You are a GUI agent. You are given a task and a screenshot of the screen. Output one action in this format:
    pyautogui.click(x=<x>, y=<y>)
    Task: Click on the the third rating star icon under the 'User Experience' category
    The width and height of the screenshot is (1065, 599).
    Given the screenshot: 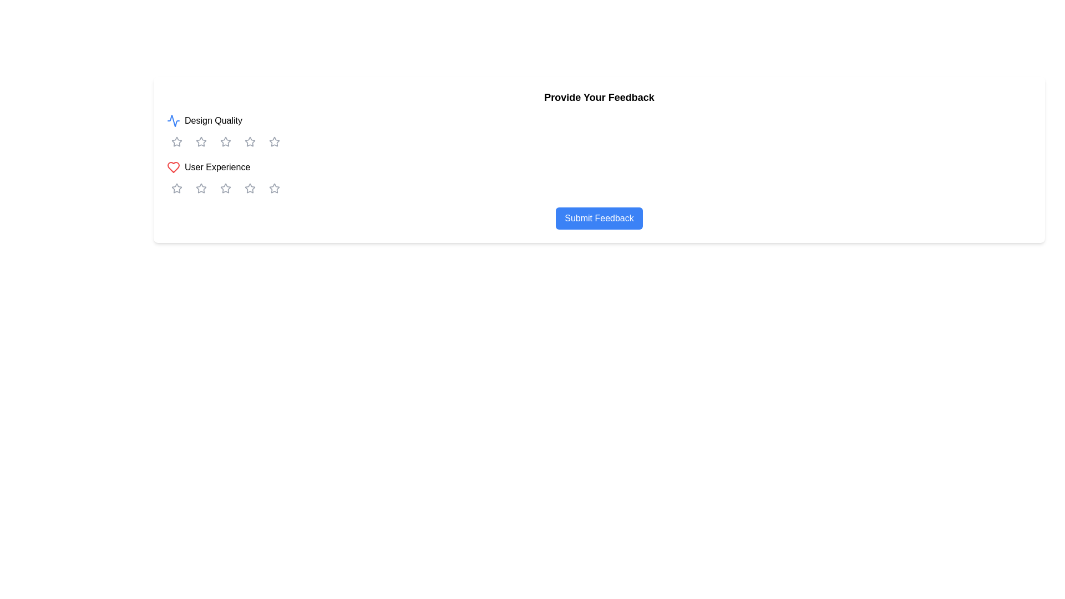 What is the action you would take?
    pyautogui.click(x=225, y=187)
    